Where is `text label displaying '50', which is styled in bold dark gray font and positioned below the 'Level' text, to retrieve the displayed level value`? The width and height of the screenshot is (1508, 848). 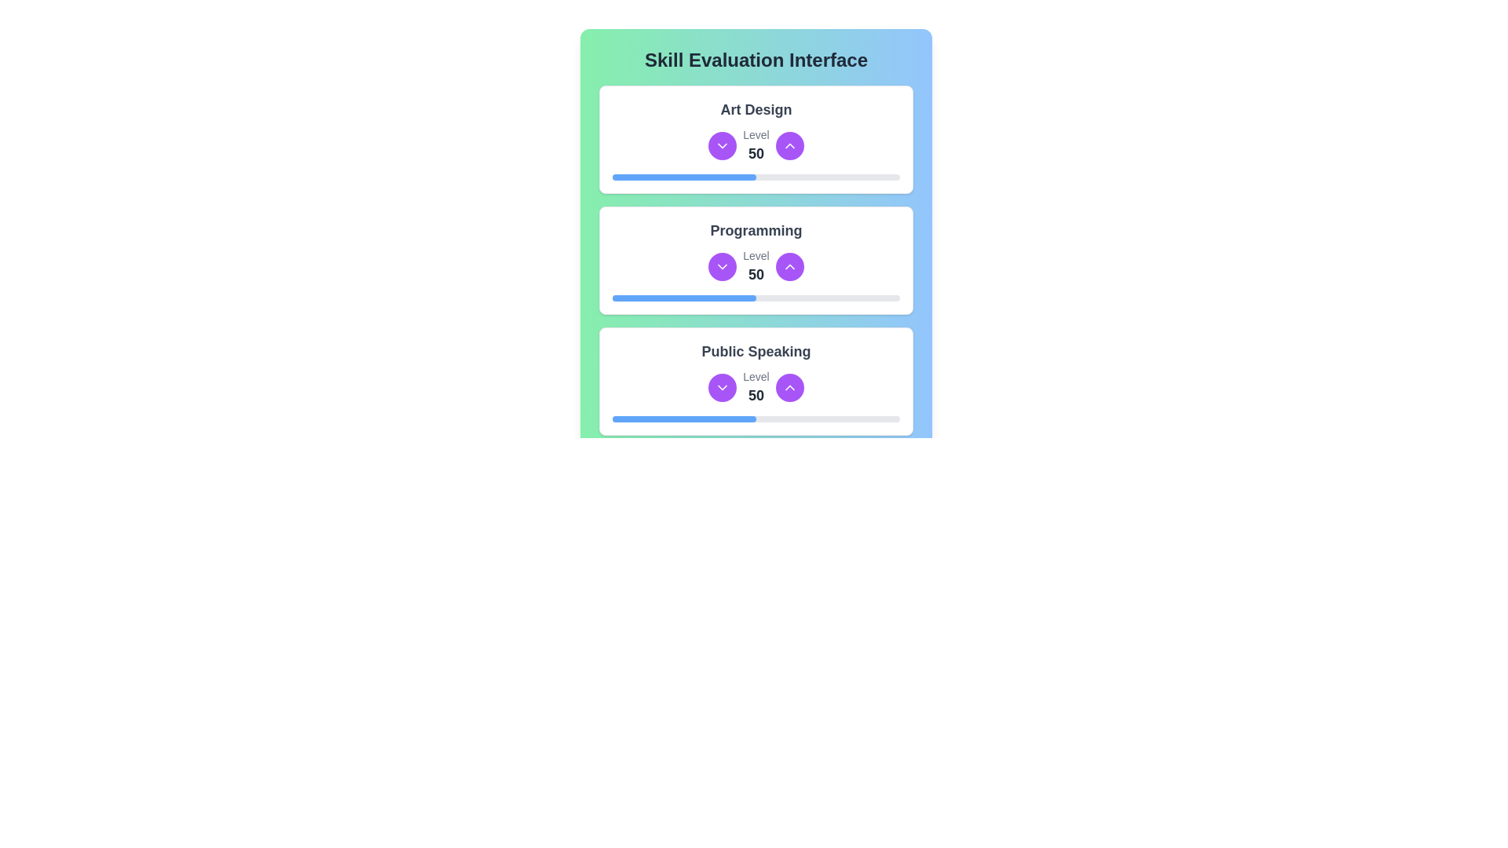
text label displaying '50', which is styled in bold dark gray font and positioned below the 'Level' text, to retrieve the displayed level value is located at coordinates (756, 154).